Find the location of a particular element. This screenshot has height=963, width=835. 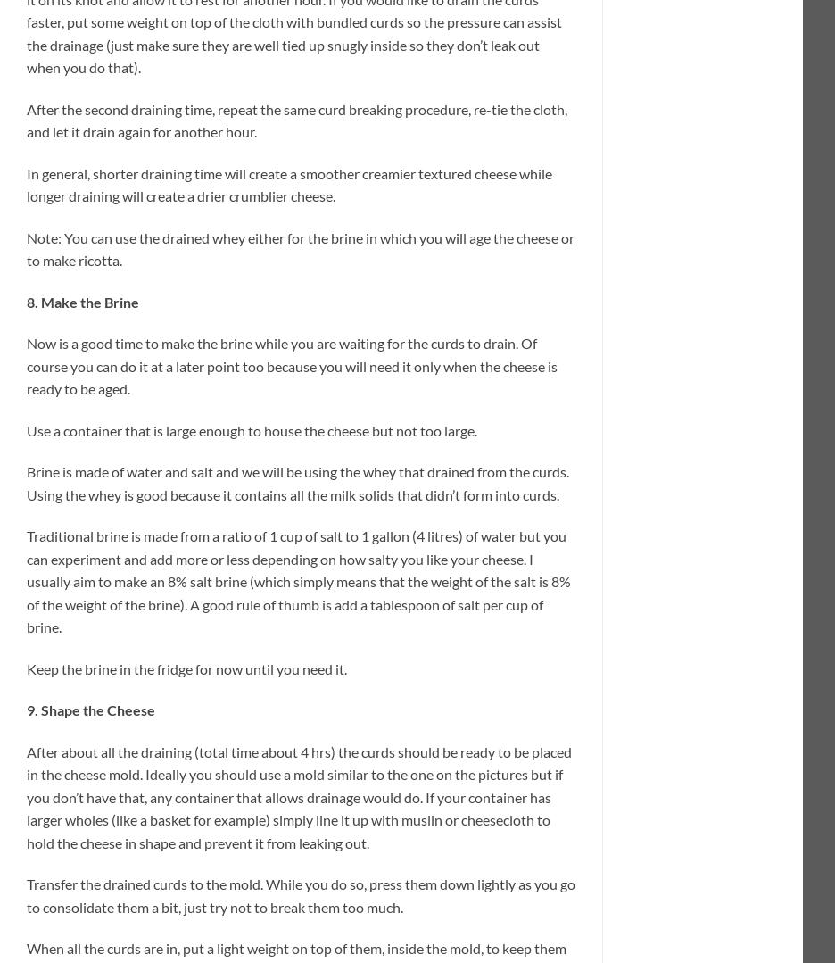

'After about all the draining (total time about 4 hrs) the curds should be ready to be placed in the cheese mold. Ideally you should use a mold similar to the one on the pictures but if you don’t have that, any container that allows drainage would do. If your container has larger wholes (like a basket for example) simply line it up with muslin or cheesecloth to hold the cheese in shape and prevent it from leaking out.' is located at coordinates (298, 795).